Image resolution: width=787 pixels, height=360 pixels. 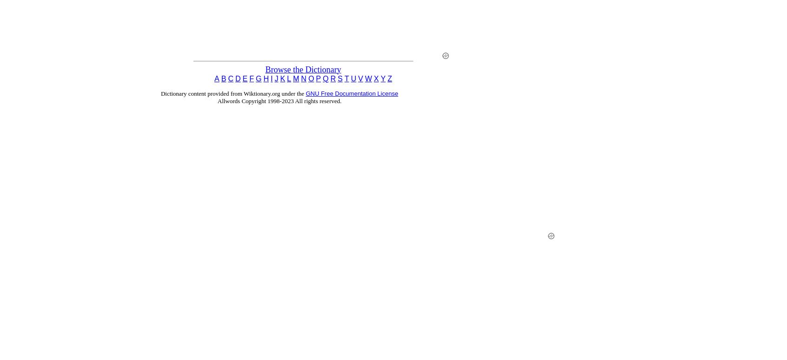 What do you see at coordinates (288, 78) in the screenshot?
I see `'L'` at bounding box center [288, 78].